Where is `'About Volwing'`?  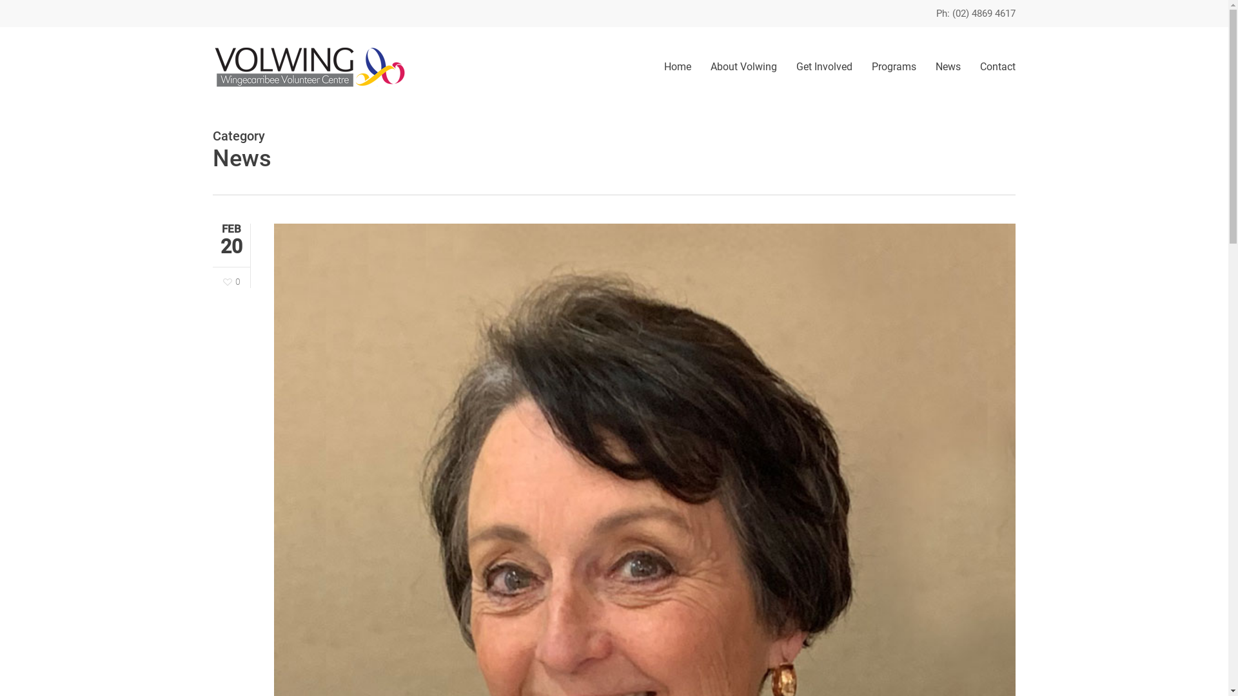 'About Volwing' is located at coordinates (743, 66).